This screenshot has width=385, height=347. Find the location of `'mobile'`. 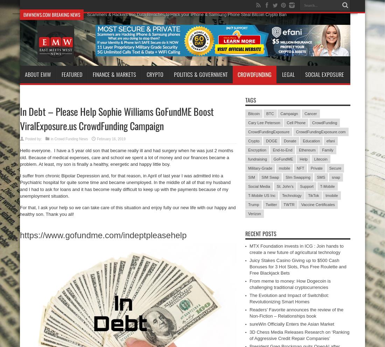

'mobile' is located at coordinates (278, 168).